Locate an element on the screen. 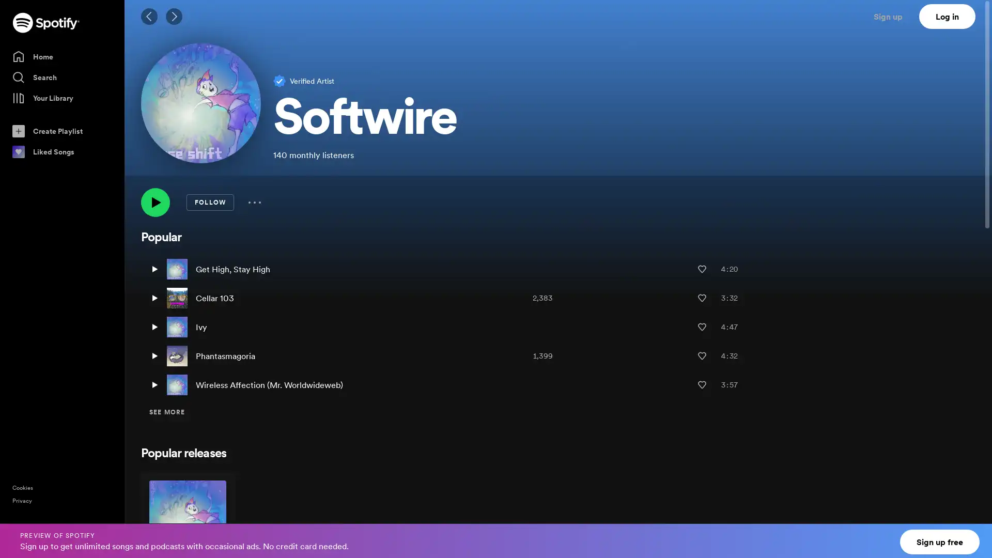 The height and width of the screenshot is (558, 992). Play Phase Shift is located at coordinates (208, 544).